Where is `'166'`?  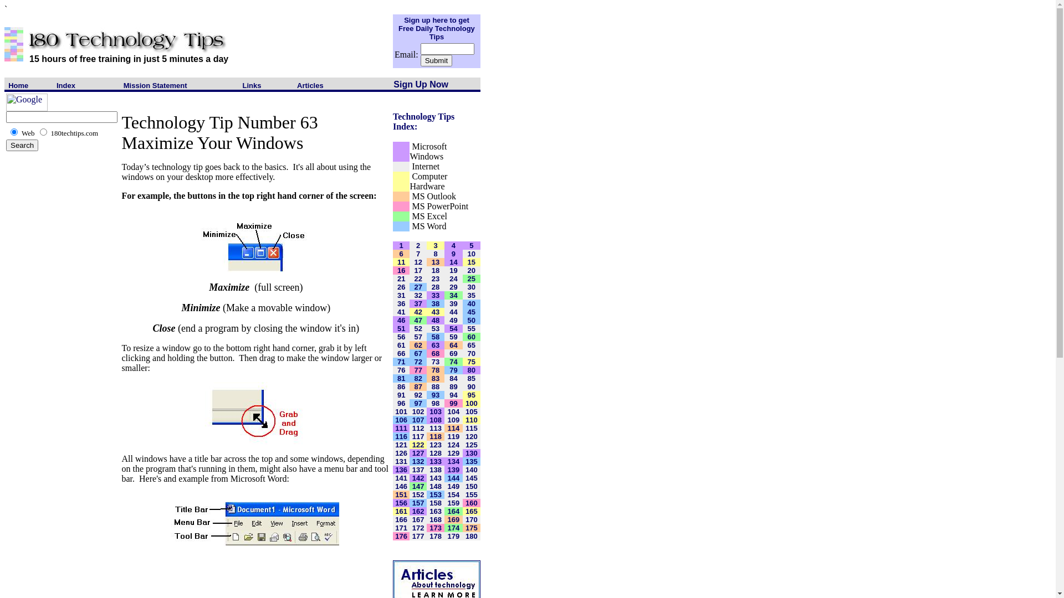 '166' is located at coordinates (395, 519).